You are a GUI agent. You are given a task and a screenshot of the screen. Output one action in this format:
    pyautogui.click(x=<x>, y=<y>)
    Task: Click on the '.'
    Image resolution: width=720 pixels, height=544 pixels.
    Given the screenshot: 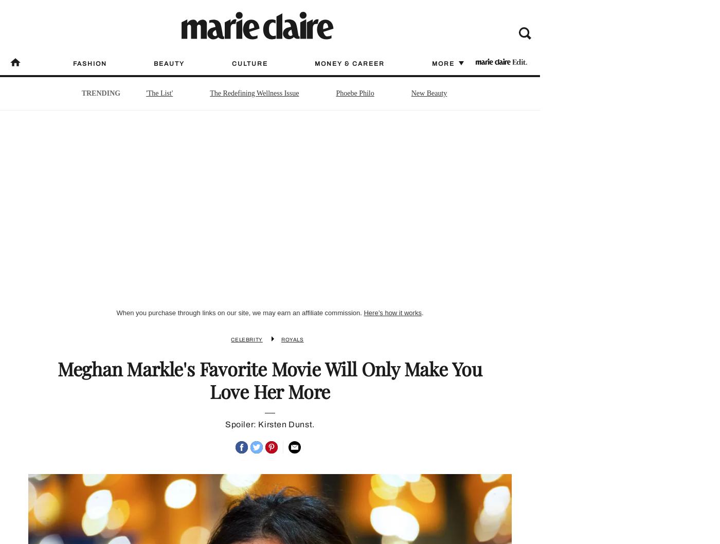 What is the action you would take?
    pyautogui.click(x=422, y=313)
    